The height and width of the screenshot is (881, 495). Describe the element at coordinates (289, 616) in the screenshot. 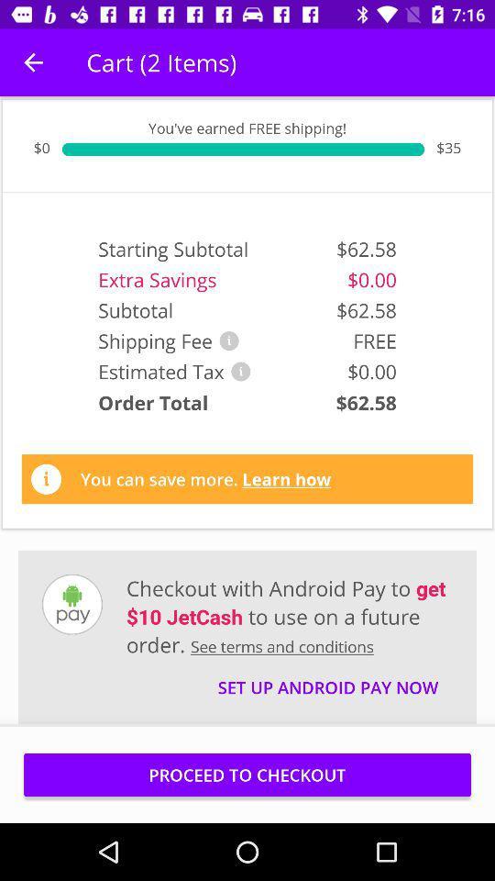

I see `checkout with android icon` at that location.